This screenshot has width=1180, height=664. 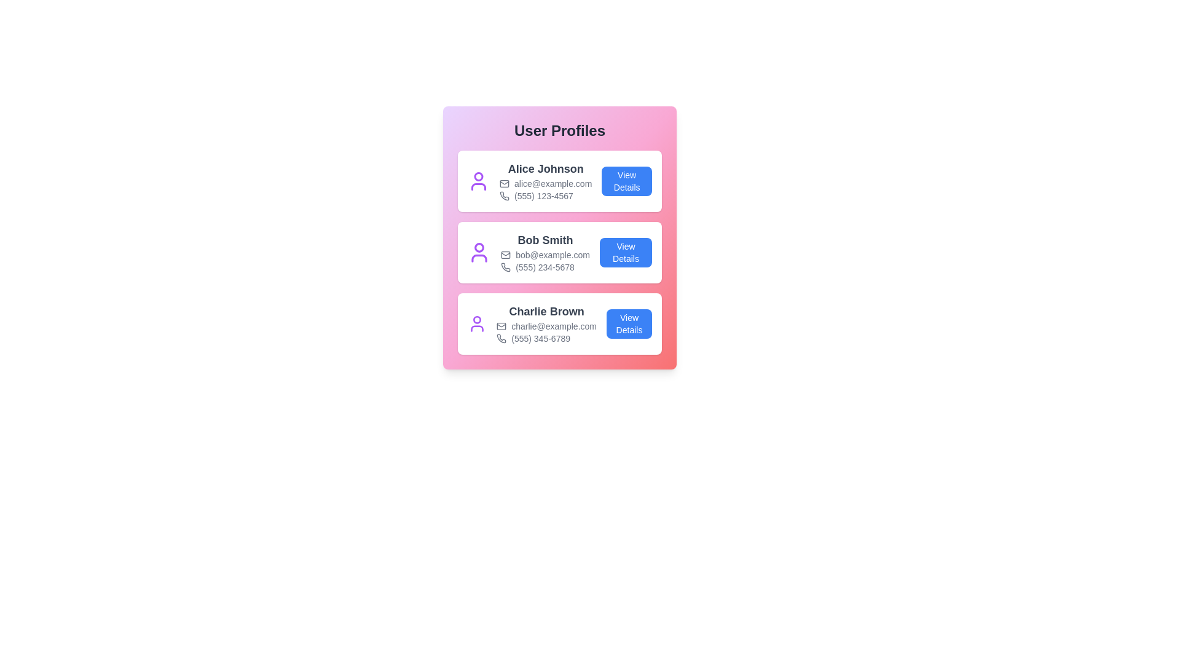 I want to click on the phone icon for the user Bob Smith, so click(x=505, y=267).